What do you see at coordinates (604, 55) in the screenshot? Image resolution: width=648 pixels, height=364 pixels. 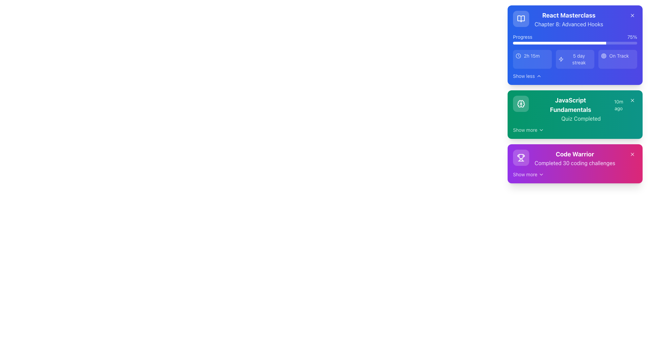 I see `the decorative icon in the 'On Track' section of the 'React Masterclass' card, which symbolizes focus or progress, located to the right of the 'On Track' text` at bounding box center [604, 55].